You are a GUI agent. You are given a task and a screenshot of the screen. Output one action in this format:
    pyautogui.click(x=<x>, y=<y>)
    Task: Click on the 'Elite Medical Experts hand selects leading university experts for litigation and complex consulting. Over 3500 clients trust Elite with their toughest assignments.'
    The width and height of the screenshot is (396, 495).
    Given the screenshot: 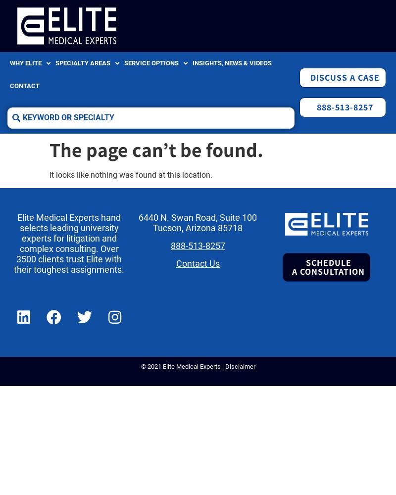 What is the action you would take?
    pyautogui.click(x=69, y=243)
    